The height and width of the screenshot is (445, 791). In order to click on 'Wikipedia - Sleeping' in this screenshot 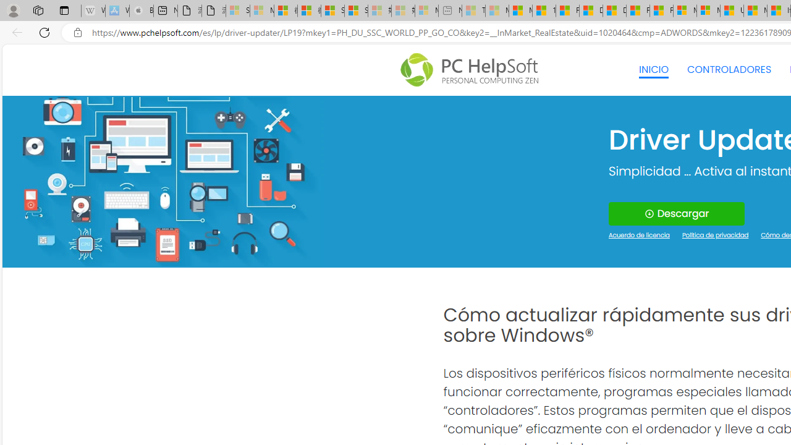, I will do `click(93, 11)`.